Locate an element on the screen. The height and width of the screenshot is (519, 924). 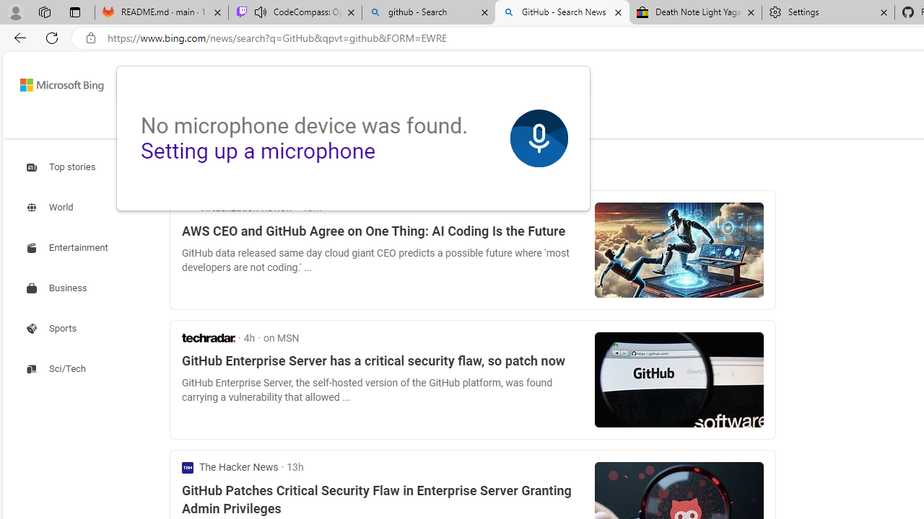
'Stop listening' is located at coordinates (538, 138).